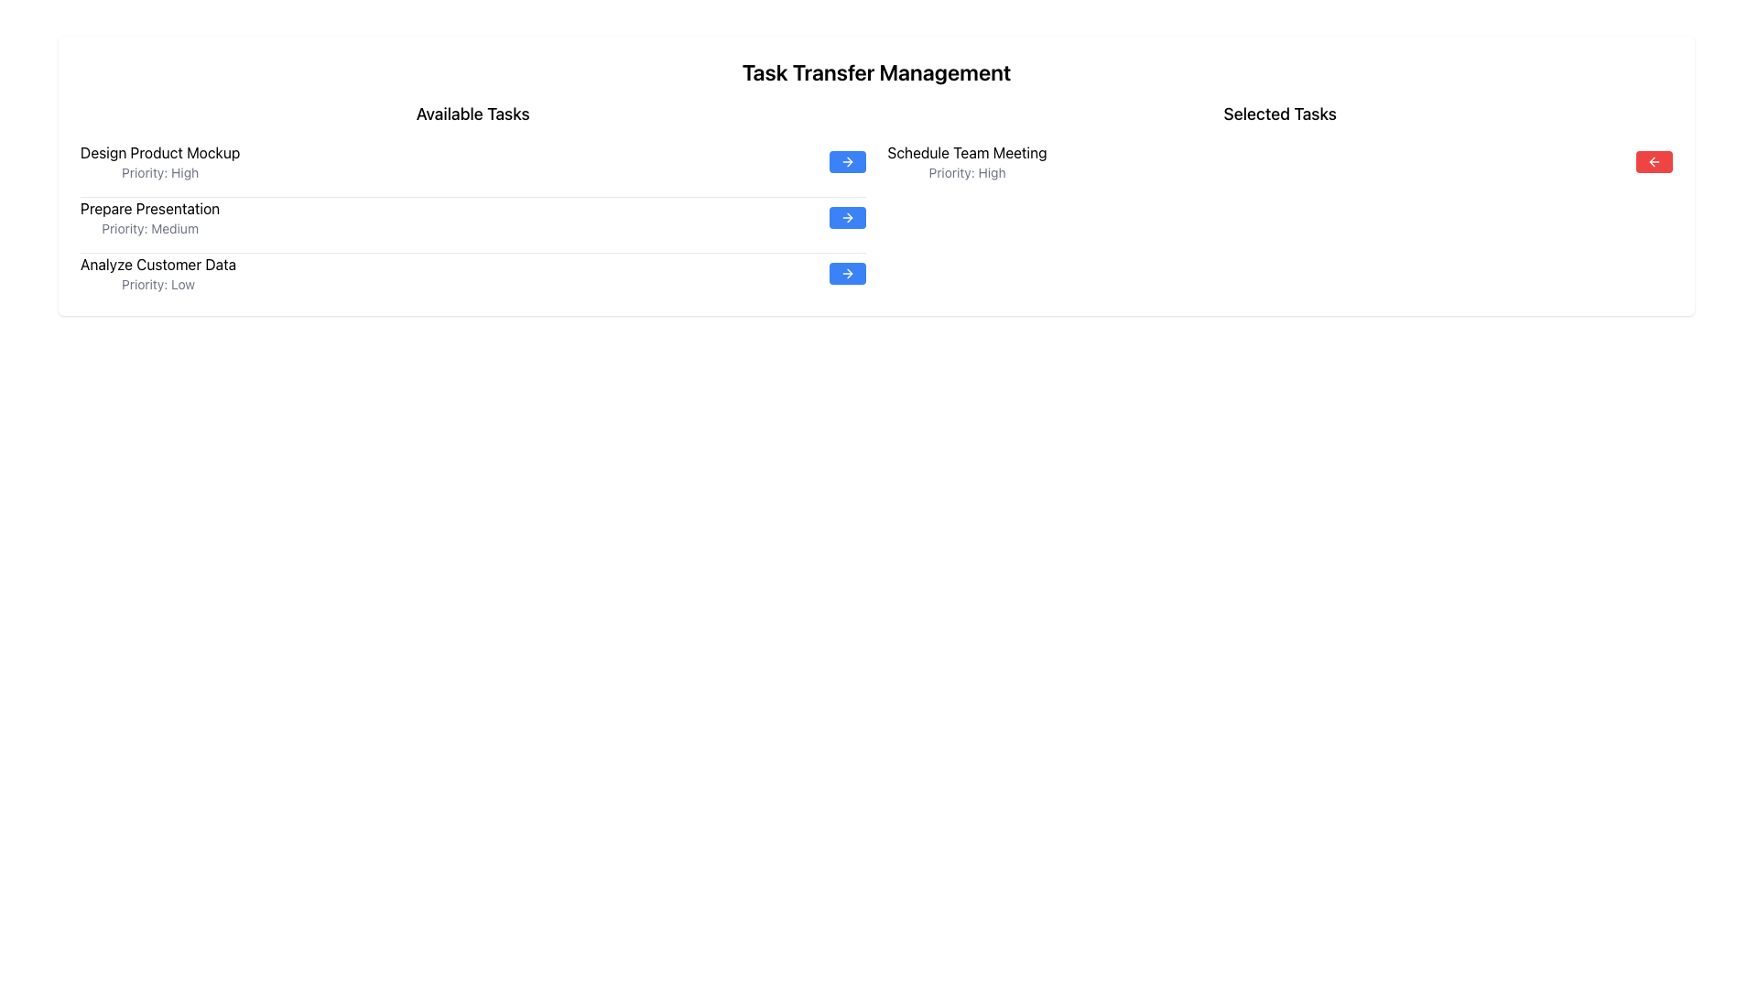 The width and height of the screenshot is (1758, 989). Describe the element at coordinates (150, 207) in the screenshot. I see `the 'Prepare Presentation' text label, which is the second element in the 'Available Tasks' section, positioned between 'Design Product Mockup' and 'Analyze Customer Data'` at that location.